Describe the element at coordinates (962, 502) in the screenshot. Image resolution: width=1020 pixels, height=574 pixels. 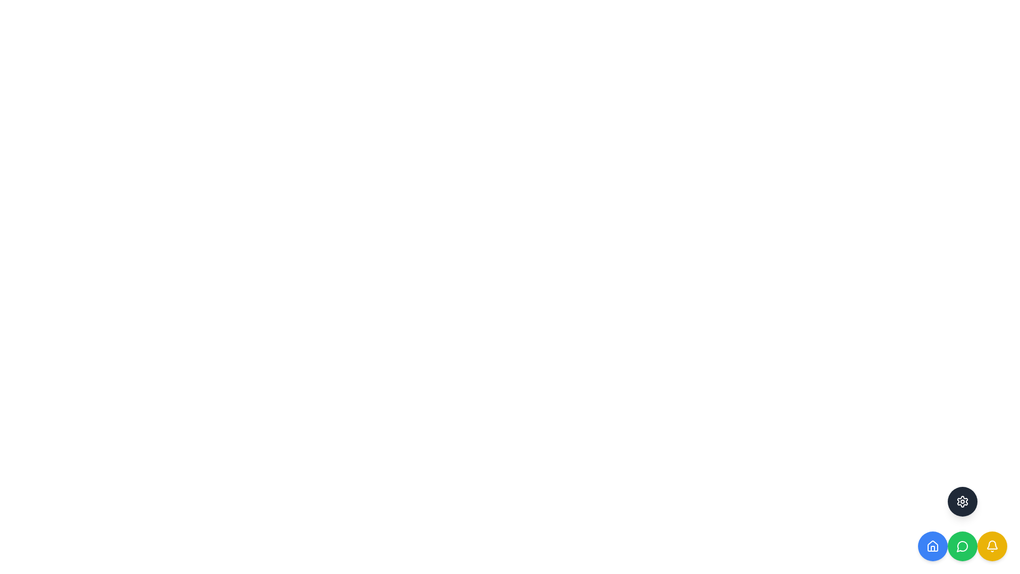
I see `the circular button with a dark gray background and white gear icon located in the lower-right corner of the interface` at that location.